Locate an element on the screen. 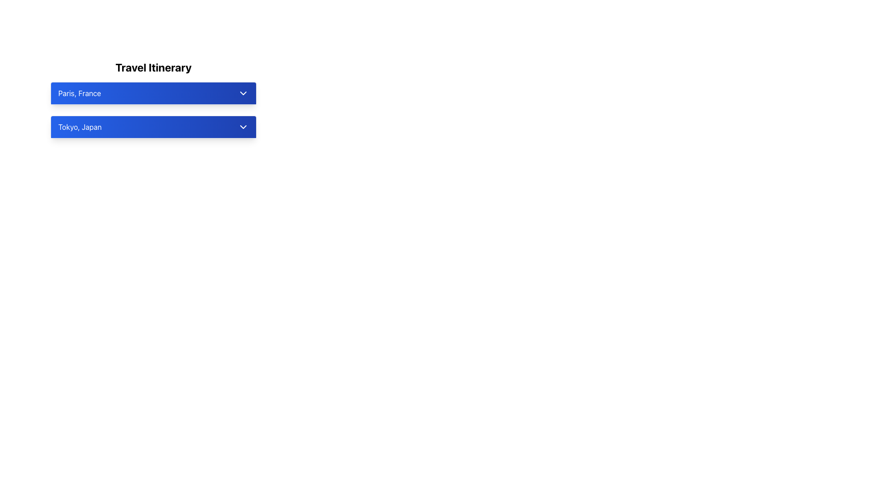 The height and width of the screenshot is (492, 875). the downward chevron icon located at the far right side of the blue rounded rectangle containing the text 'Tokyo, Japan' is located at coordinates (243, 127).